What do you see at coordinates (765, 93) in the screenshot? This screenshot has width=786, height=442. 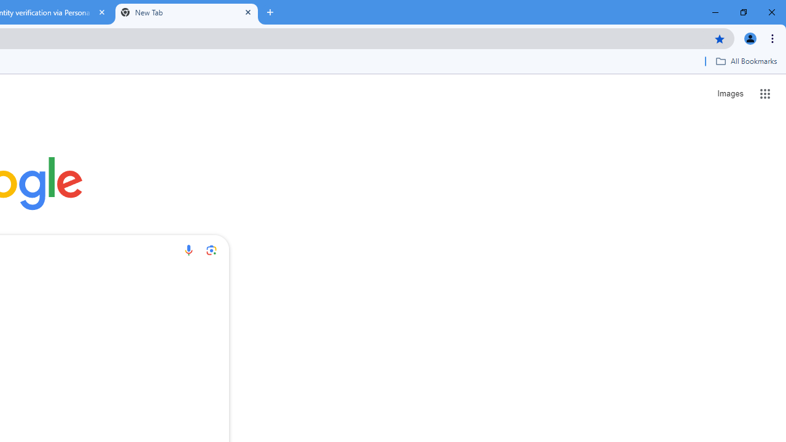 I see `'Google apps'` at bounding box center [765, 93].